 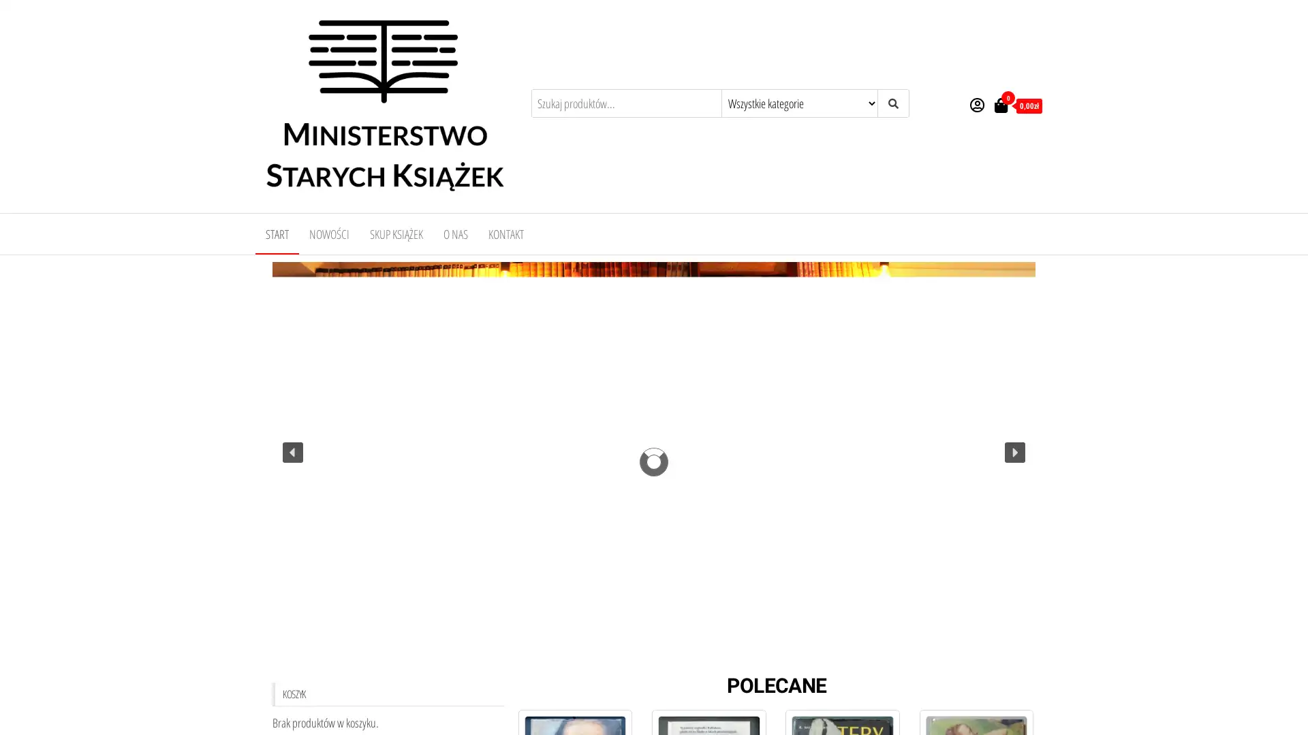 I want to click on Slide 1, so click(x=640, y=655).